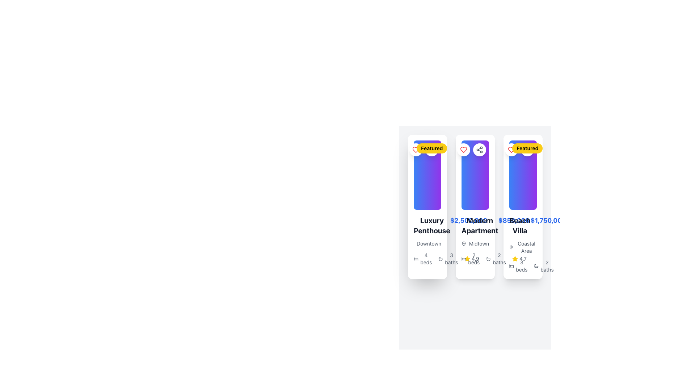 The height and width of the screenshot is (390, 695). What do you see at coordinates (475, 244) in the screenshot?
I see `the label with an icon indicating the location name, which is the third card in a series of horizontally aligned property cards, positioned below the price and name, and above the details about beds and baths` at bounding box center [475, 244].